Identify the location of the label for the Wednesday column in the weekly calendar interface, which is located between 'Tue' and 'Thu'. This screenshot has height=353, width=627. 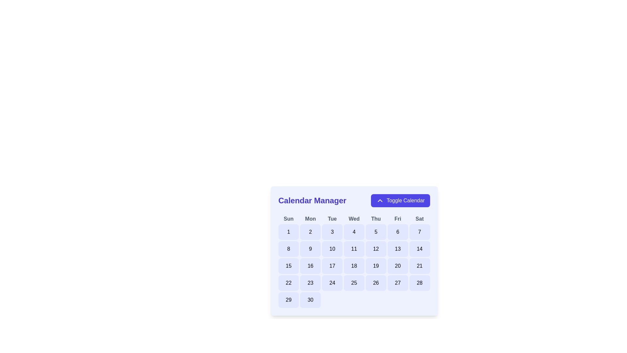
(354, 219).